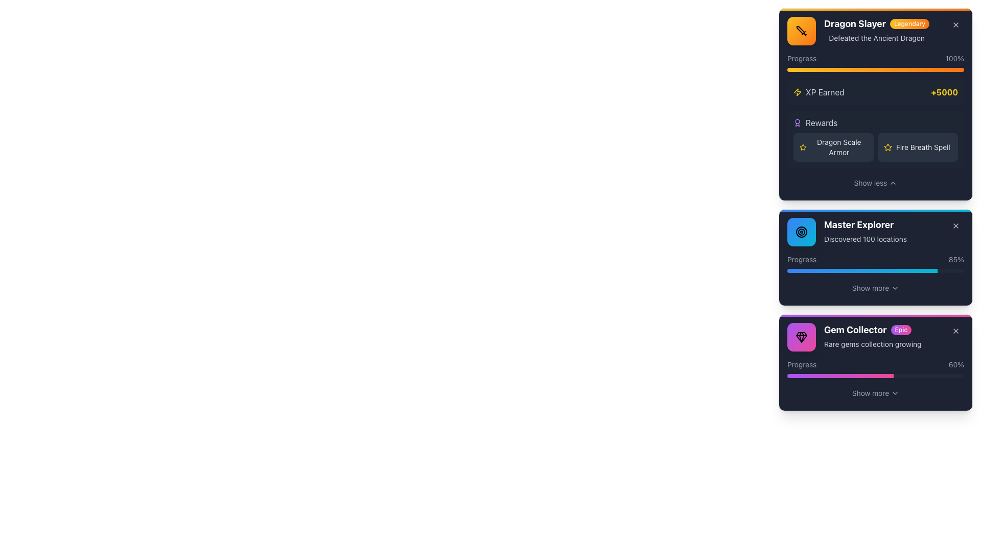 This screenshot has height=551, width=981. Describe the element at coordinates (872, 344) in the screenshot. I see `the text label displaying 'Rare gems collection growing' in light gray font, positioned below the 'Gem Collector' title within a dark background card` at that location.